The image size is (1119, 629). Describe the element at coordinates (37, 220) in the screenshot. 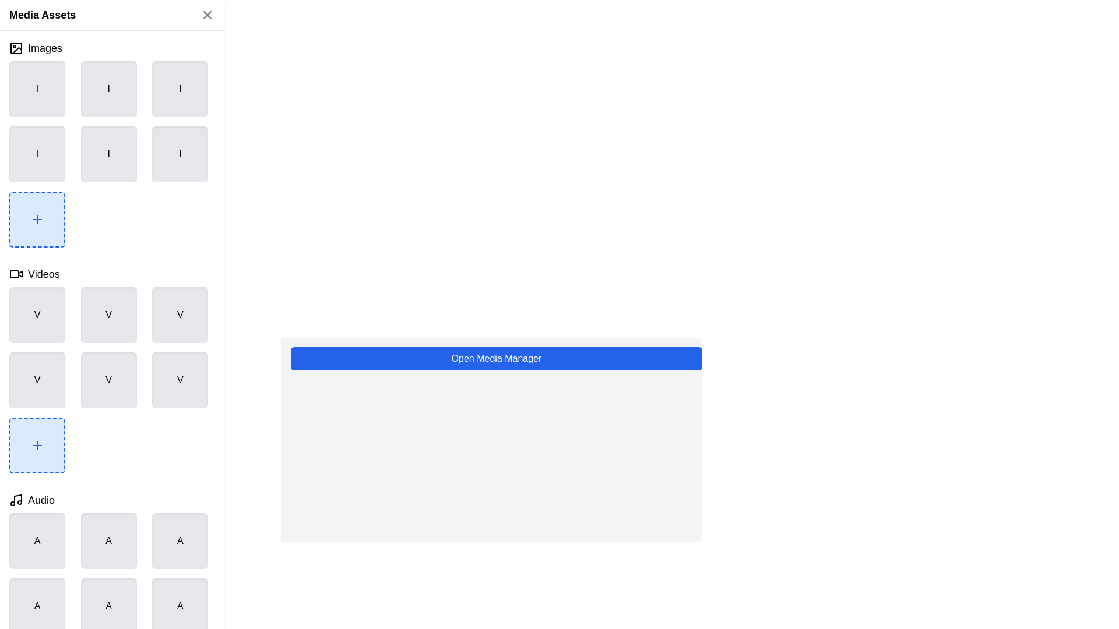

I see `the small blue plus icon within the light blue square box located in the 'Images' section of the 'Media Assets' panel` at that location.